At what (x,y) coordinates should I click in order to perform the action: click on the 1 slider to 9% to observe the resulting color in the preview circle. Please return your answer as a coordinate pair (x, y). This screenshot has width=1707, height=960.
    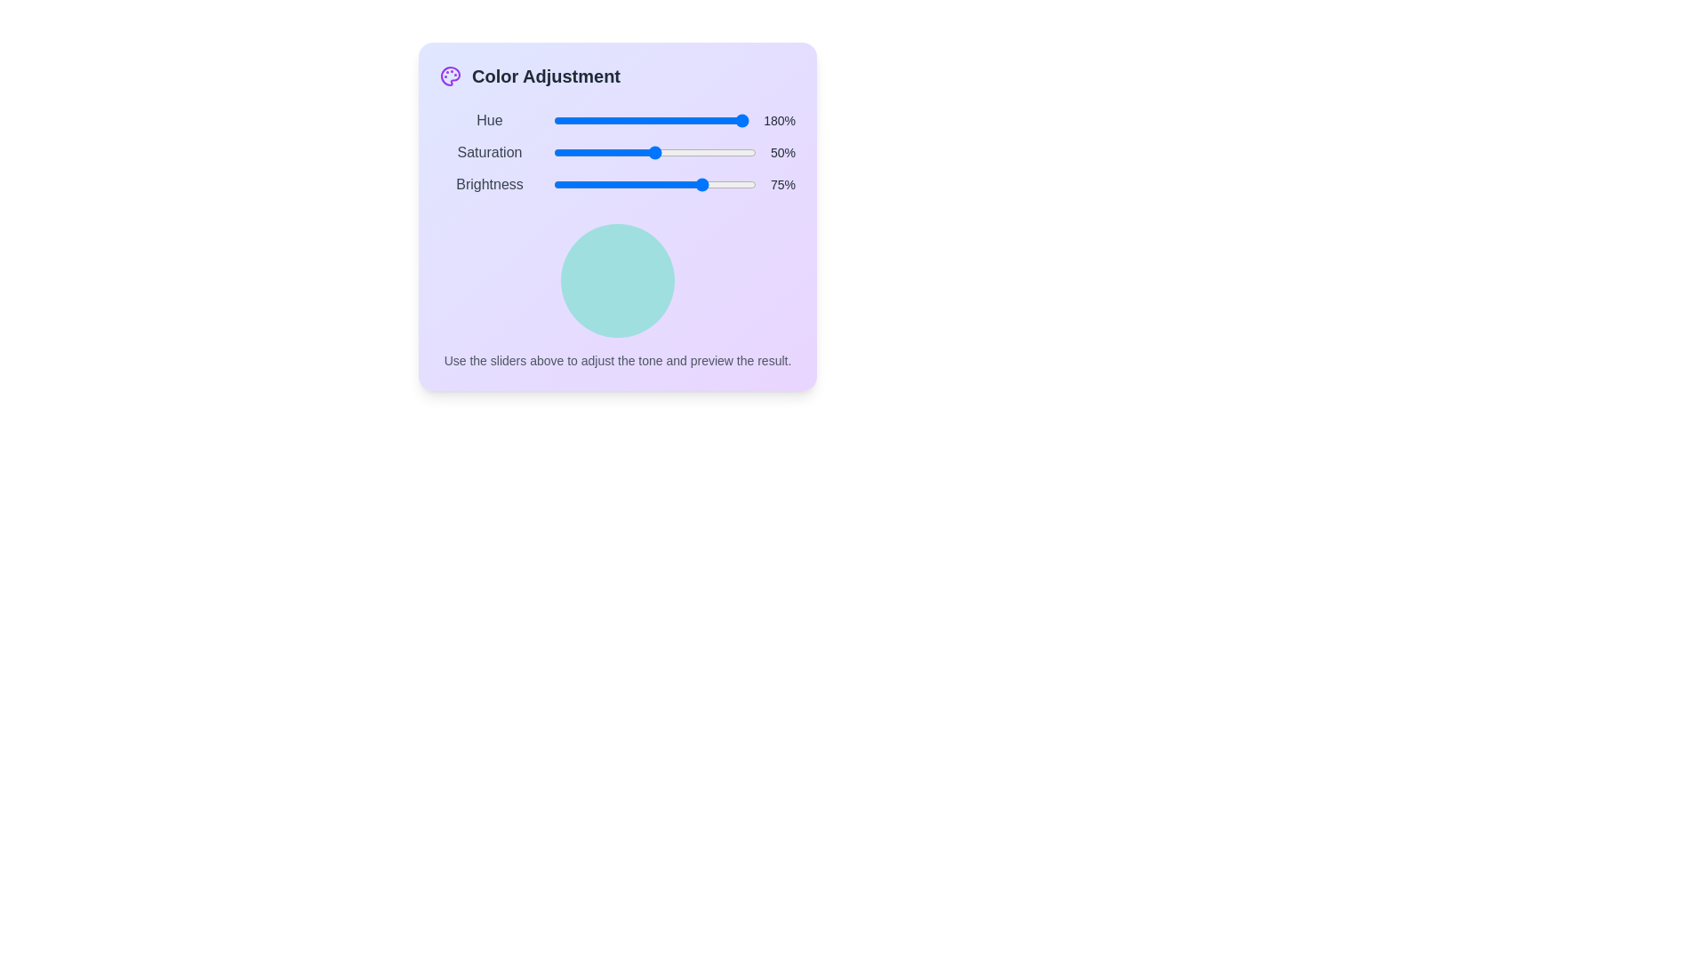
    Looking at the image, I should click on (571, 152).